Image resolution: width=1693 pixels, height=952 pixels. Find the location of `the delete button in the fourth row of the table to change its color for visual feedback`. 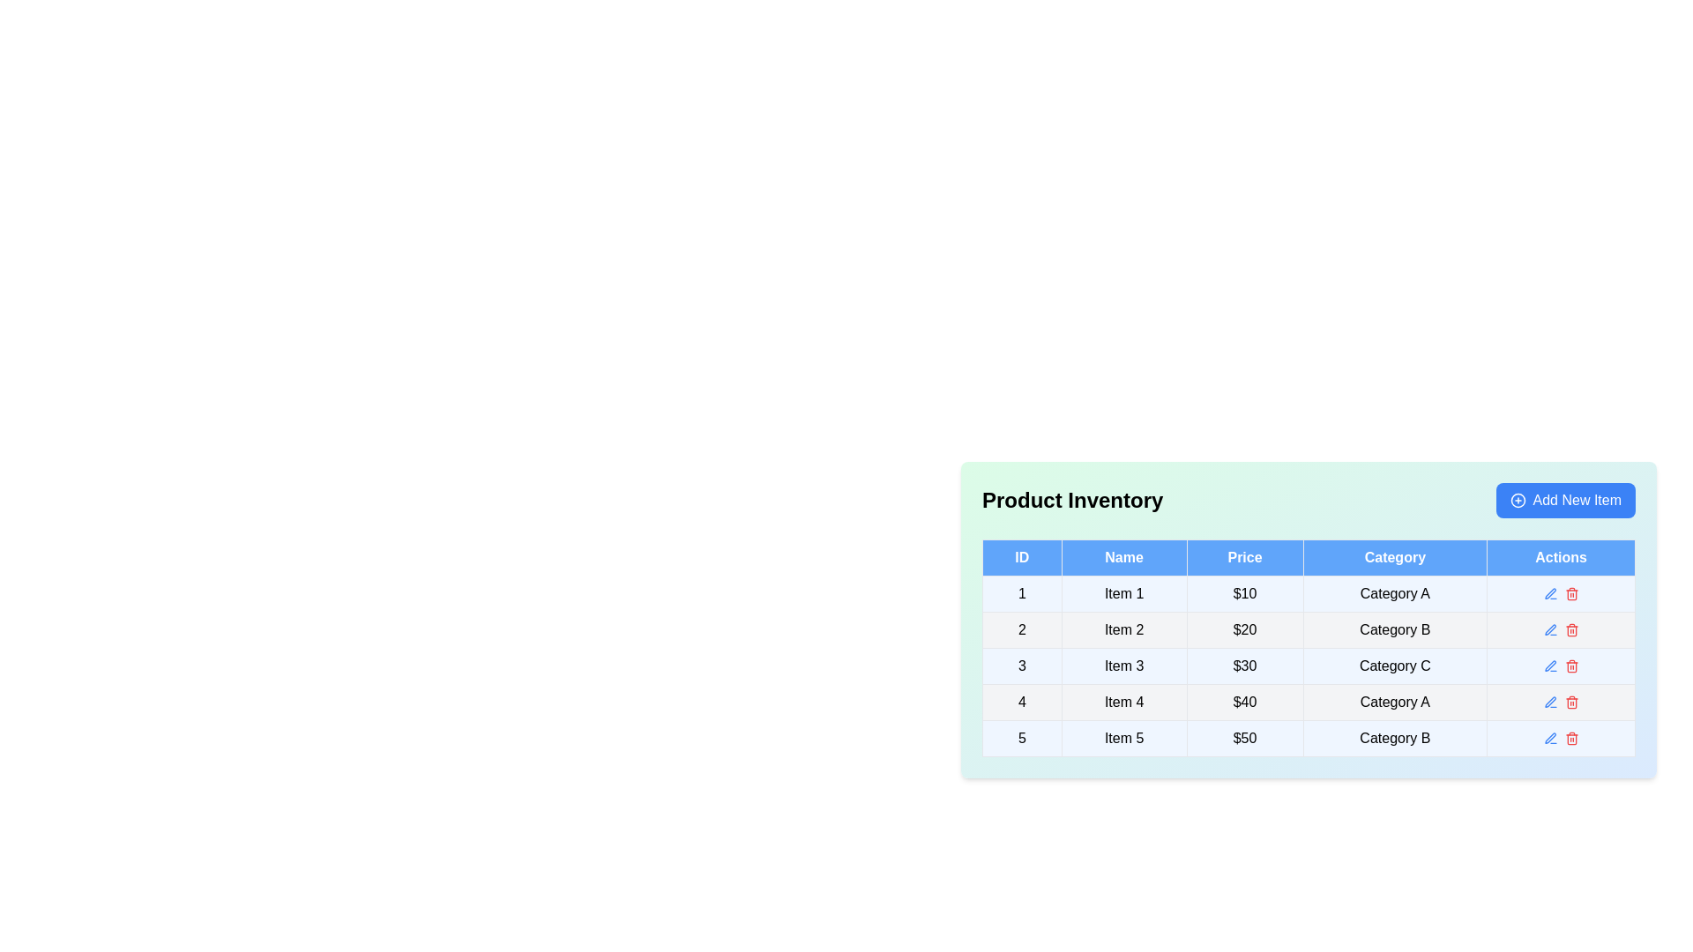

the delete button in the fourth row of the table to change its color for visual feedback is located at coordinates (1571, 702).